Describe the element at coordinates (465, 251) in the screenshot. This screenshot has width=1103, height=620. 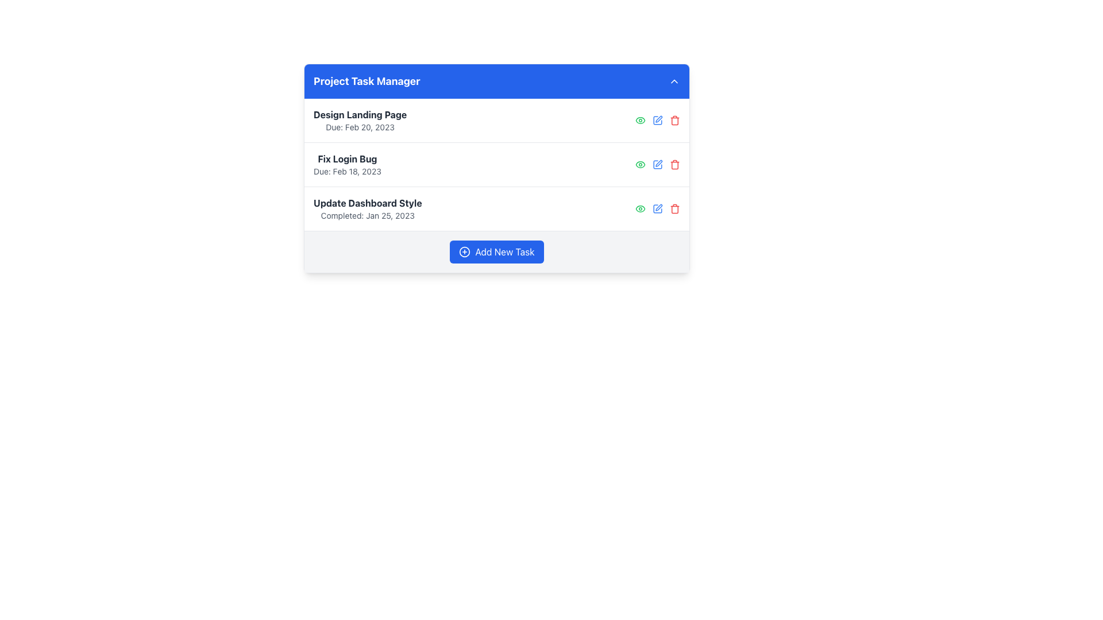
I see `the blue circular SVG graphic which is part of the 'Add New Task' button located at the bottom of the task list card` at that location.